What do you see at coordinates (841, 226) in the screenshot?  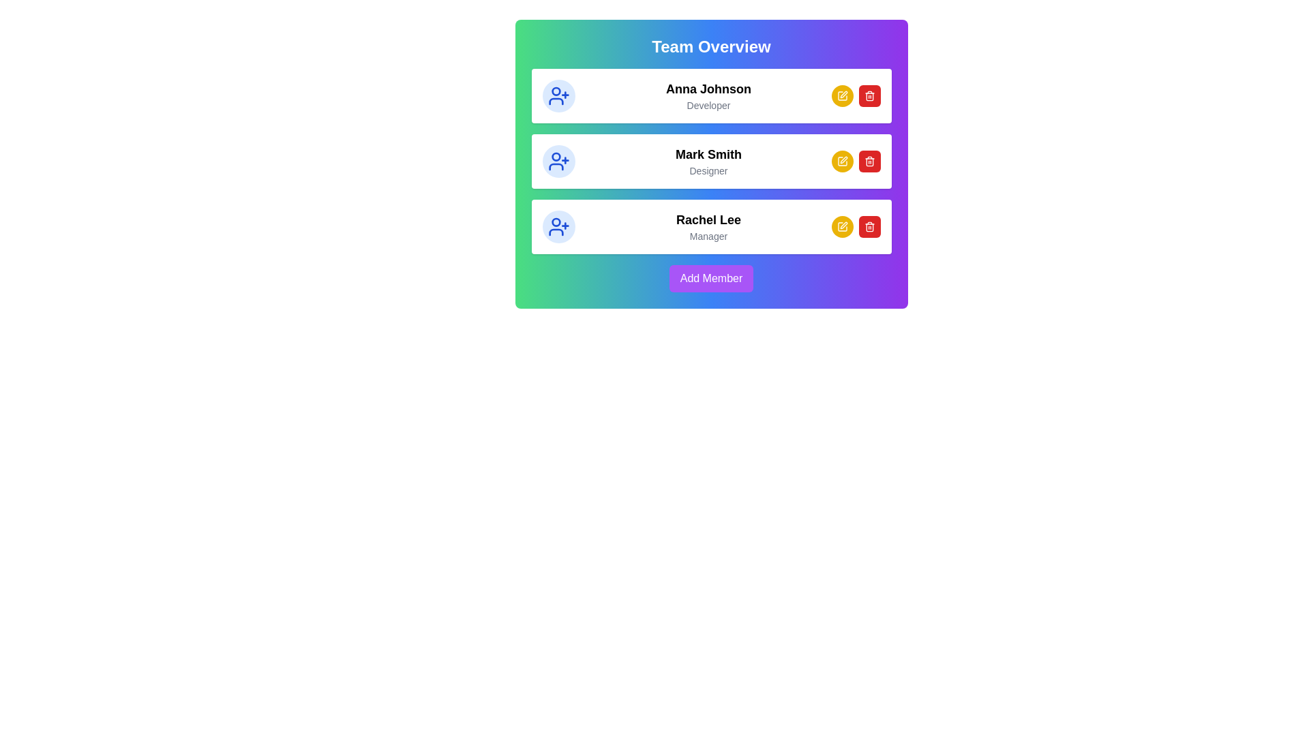 I see `the 'edit' button located to the right of the 'Rachel Lee' user profile, which is adjacent to the red trash can button` at bounding box center [841, 226].